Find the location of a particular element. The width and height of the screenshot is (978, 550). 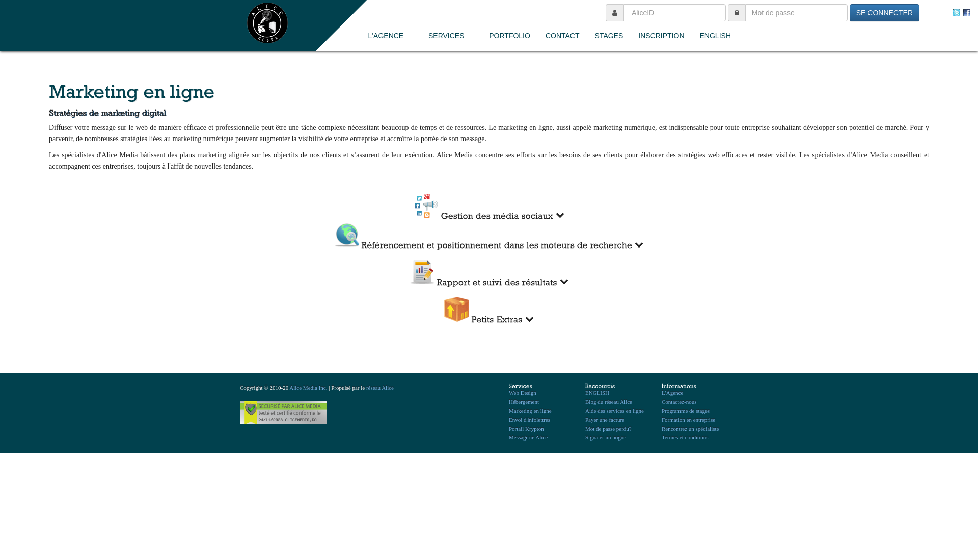

'SERVICES' is located at coordinates (450, 35).